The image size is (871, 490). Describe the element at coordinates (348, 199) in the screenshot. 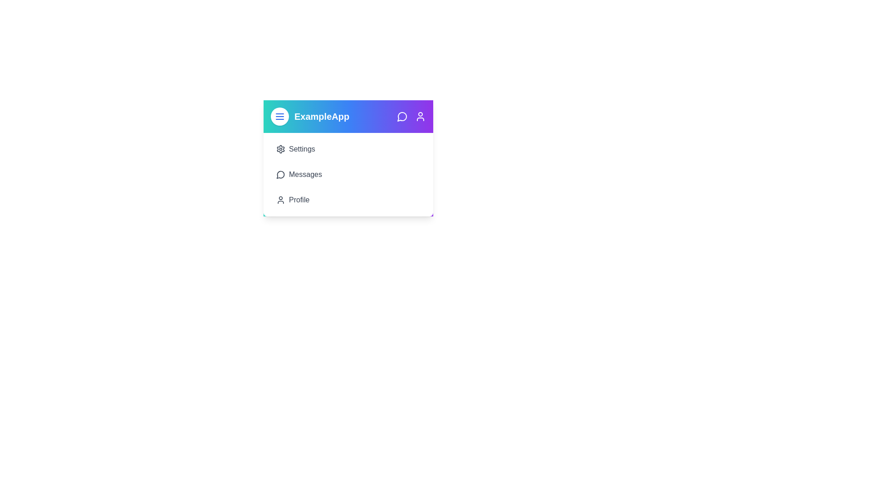

I see `the Profile menu item` at that location.